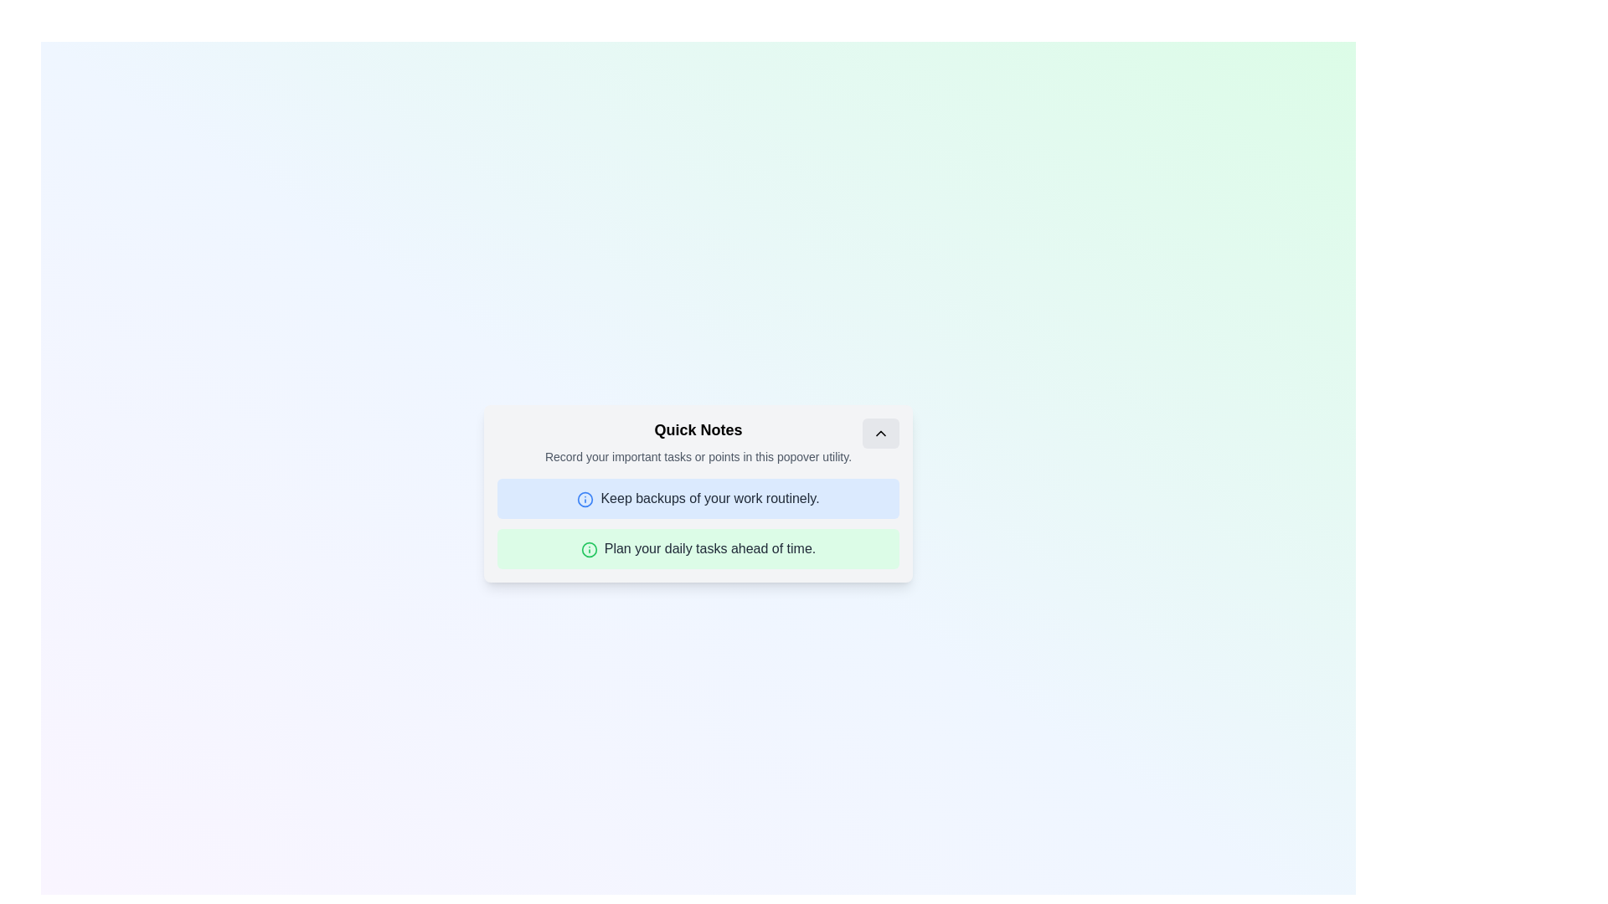 The width and height of the screenshot is (1608, 904). I want to click on the icon button located at the top-right corner of the 'Quick Notes' pop-up, so click(879, 432).